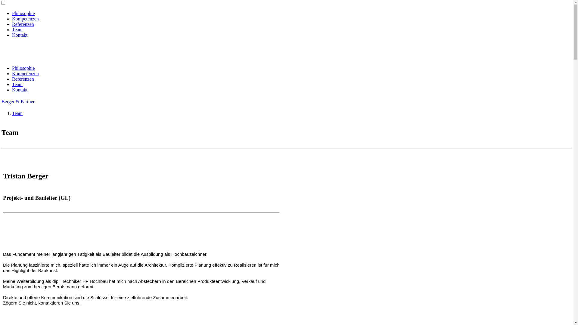  Describe the element at coordinates (18, 101) in the screenshot. I see `'Berger & Partner'` at that location.